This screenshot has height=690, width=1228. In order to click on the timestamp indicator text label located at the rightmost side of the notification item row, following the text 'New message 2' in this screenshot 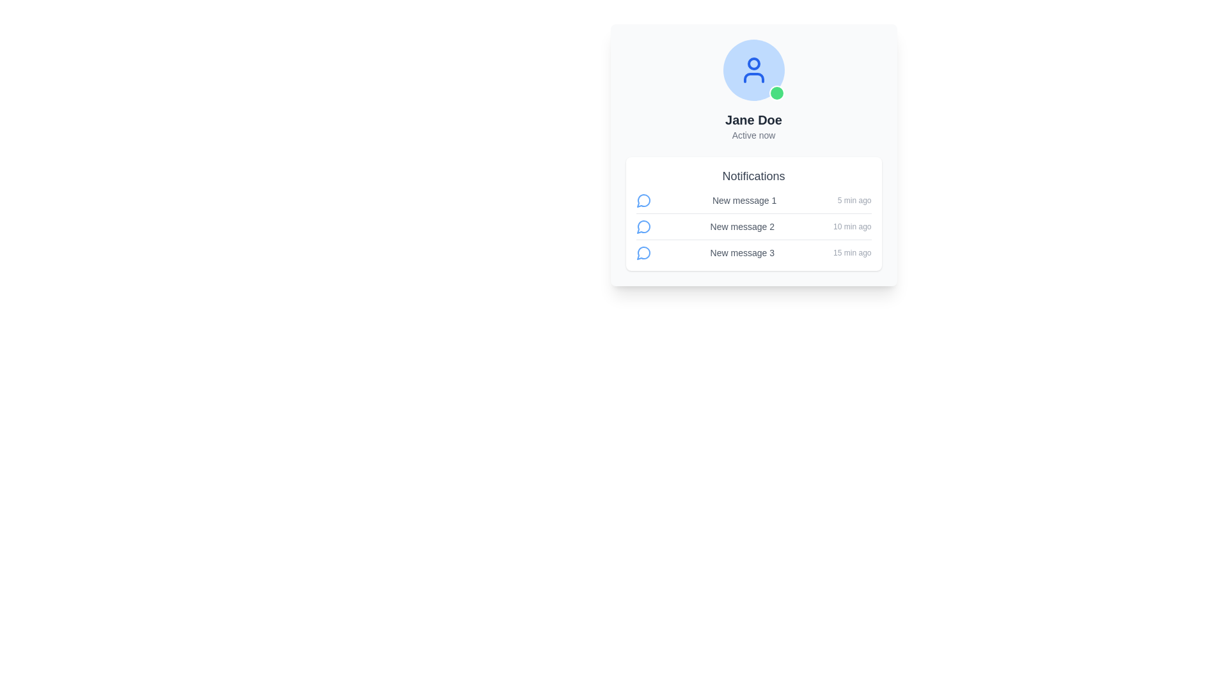, I will do `click(852, 226)`.